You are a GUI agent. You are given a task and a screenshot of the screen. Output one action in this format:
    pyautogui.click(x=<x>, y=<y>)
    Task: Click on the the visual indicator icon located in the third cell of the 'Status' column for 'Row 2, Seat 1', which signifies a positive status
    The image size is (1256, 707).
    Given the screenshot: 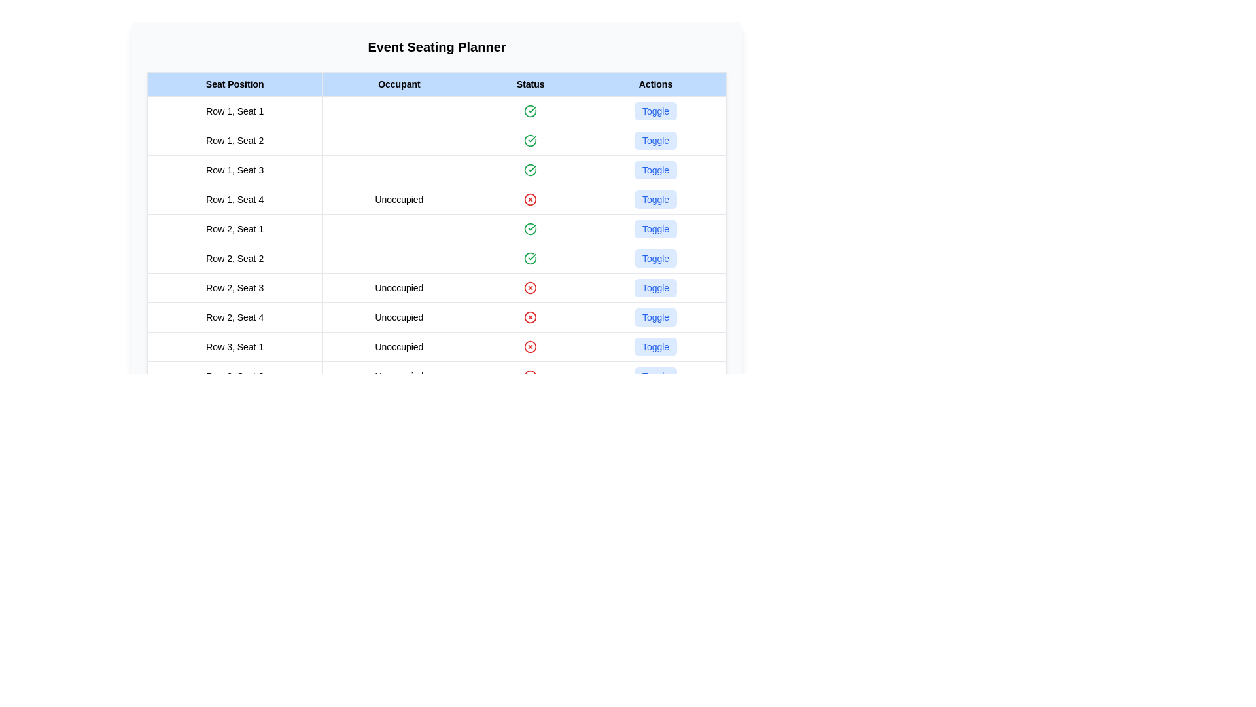 What is the action you would take?
    pyautogui.click(x=531, y=228)
    